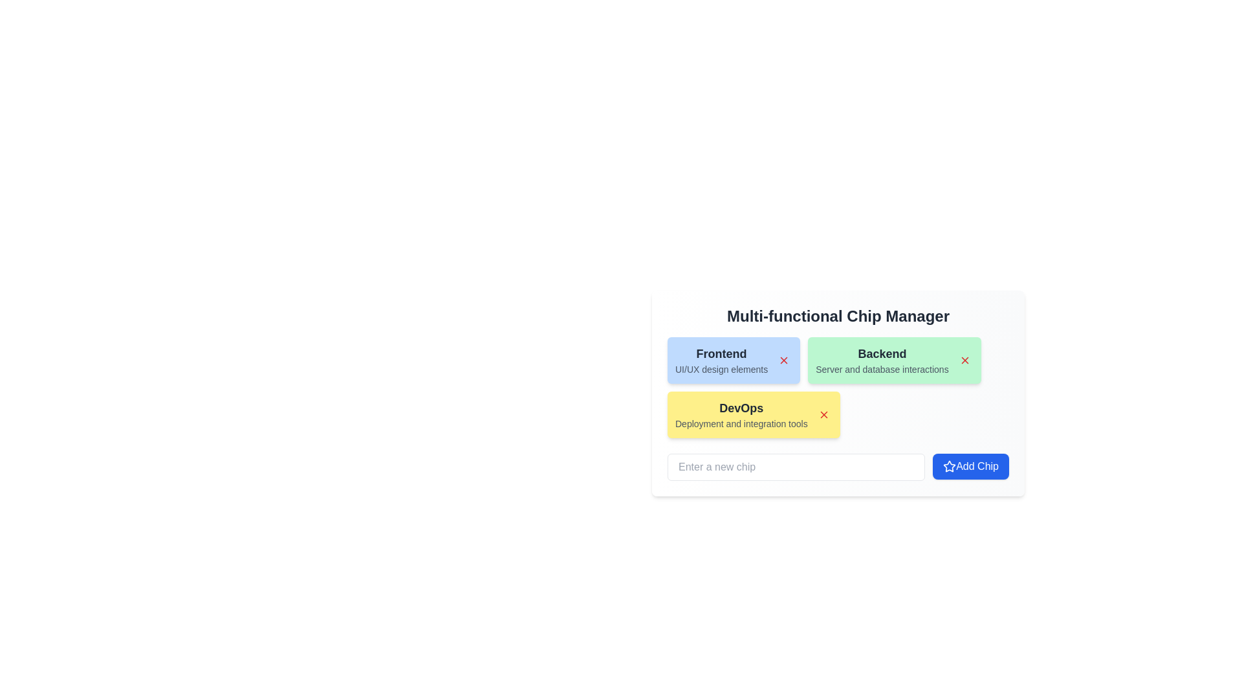 This screenshot has height=699, width=1242. Describe the element at coordinates (881, 354) in the screenshot. I see `the text label with the word 'Backend' displayed in bold on a light green background, located near the top-center of the section` at that location.